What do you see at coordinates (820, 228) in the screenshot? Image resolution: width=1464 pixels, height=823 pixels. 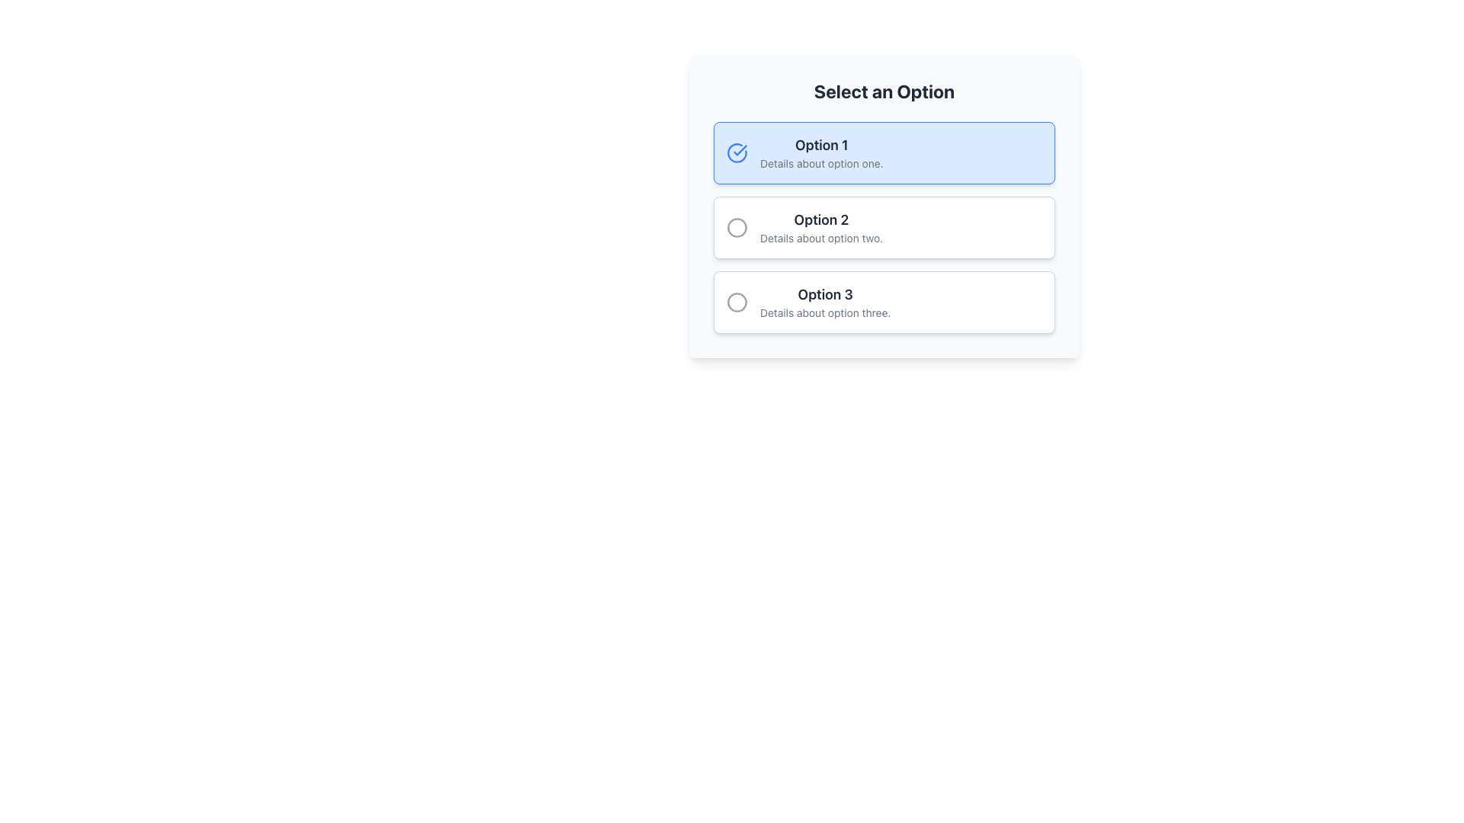 I see `text displayed in the second row of the options list, which corresponds to 'Option 2'` at bounding box center [820, 228].